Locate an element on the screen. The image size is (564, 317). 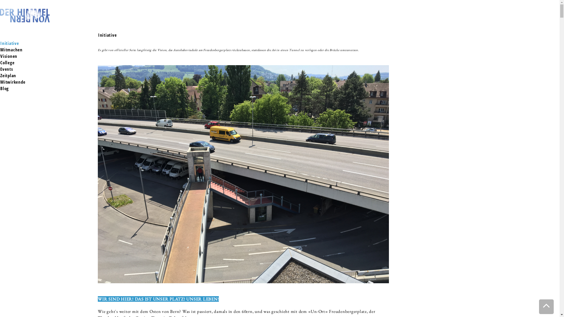
'Blog' is located at coordinates (4, 88).